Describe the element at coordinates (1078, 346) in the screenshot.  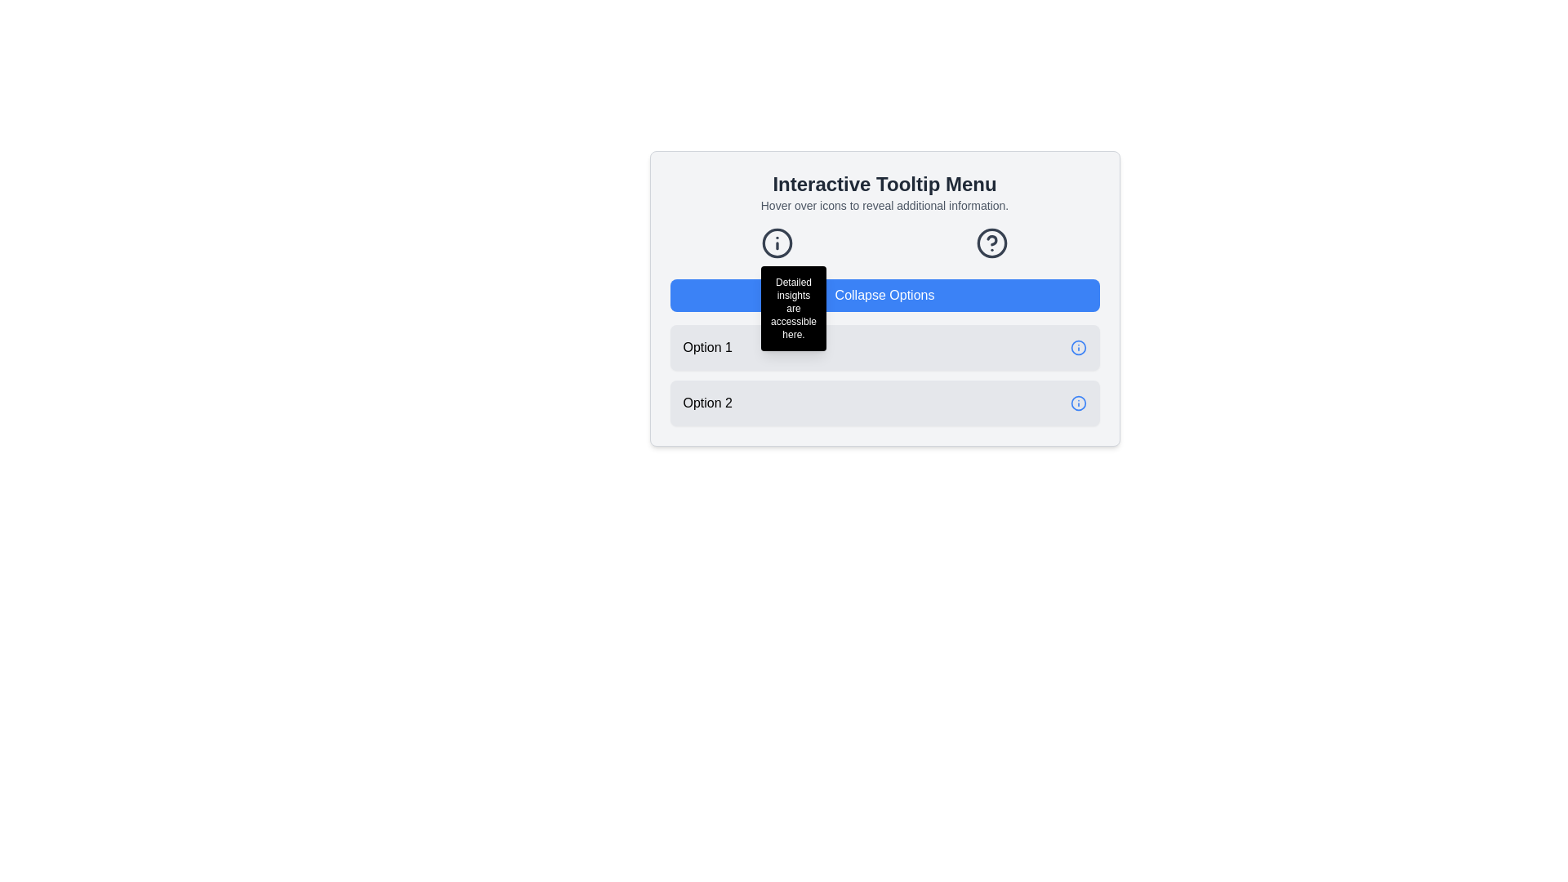
I see `the informational help icon located at the bottom-right corner of the interface below the second option` at that location.